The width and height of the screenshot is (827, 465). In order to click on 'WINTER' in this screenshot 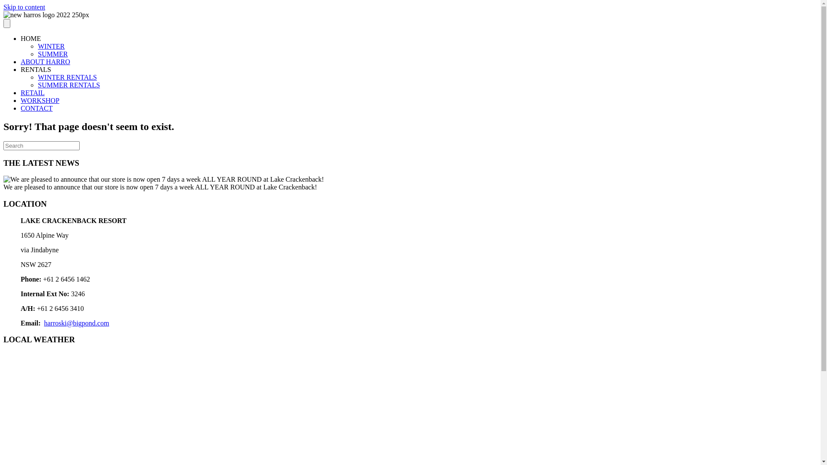, I will do `click(51, 46)`.